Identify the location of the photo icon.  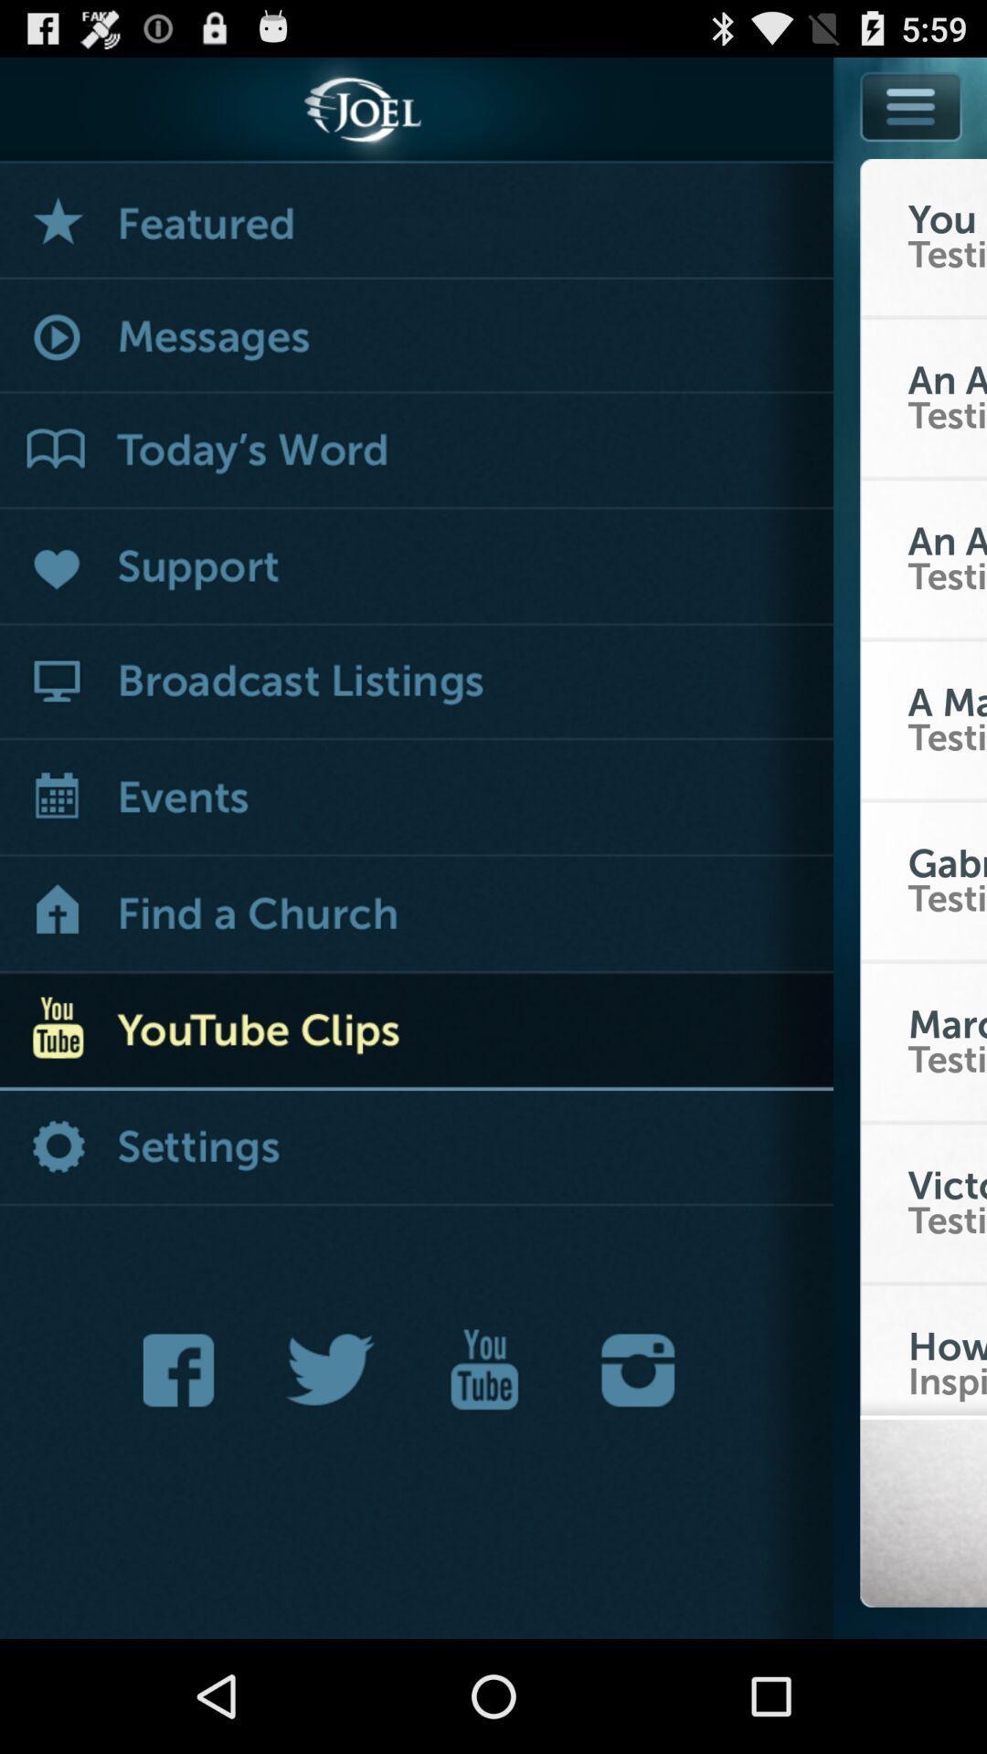
(637, 1466).